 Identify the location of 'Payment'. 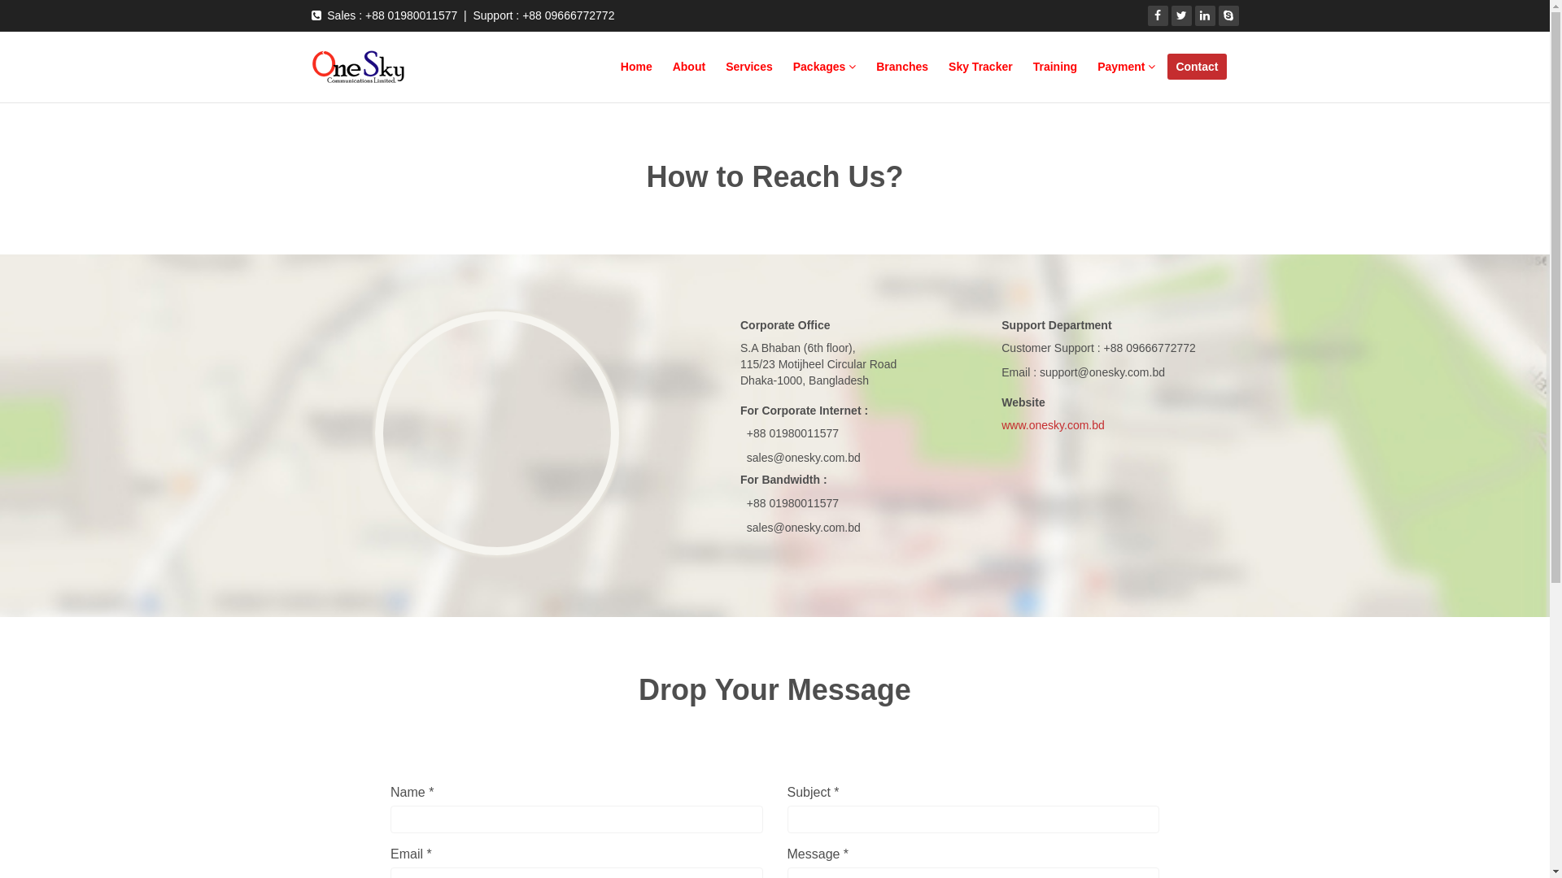
(1089, 65).